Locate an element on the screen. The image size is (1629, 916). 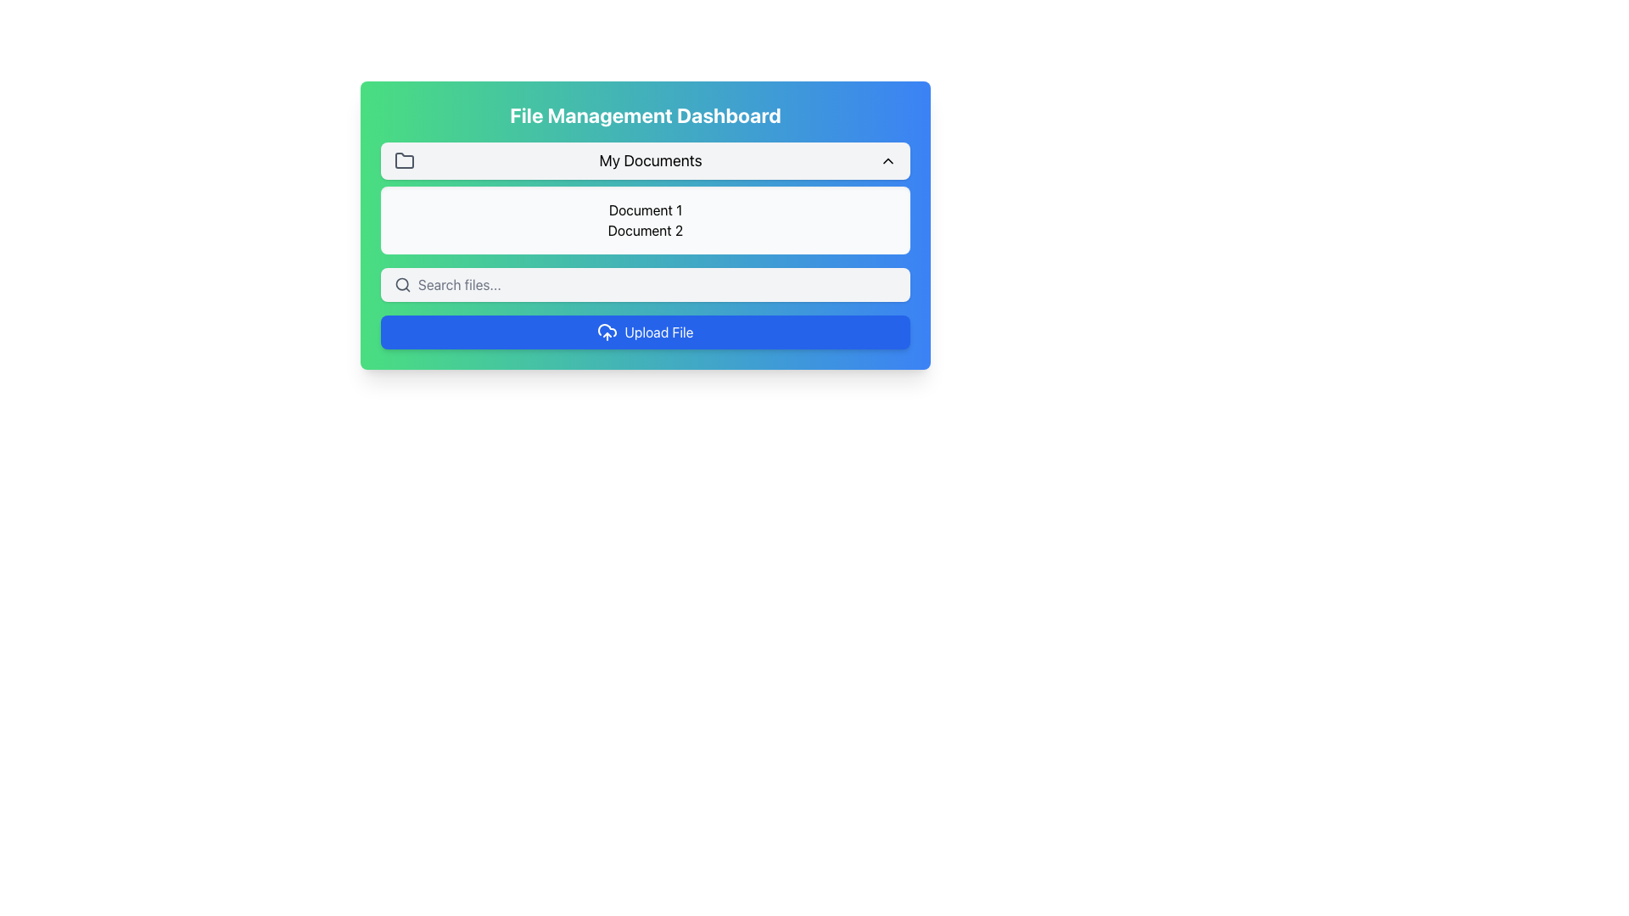
the 'My Documents' dropdown button is located at coordinates (645, 160).